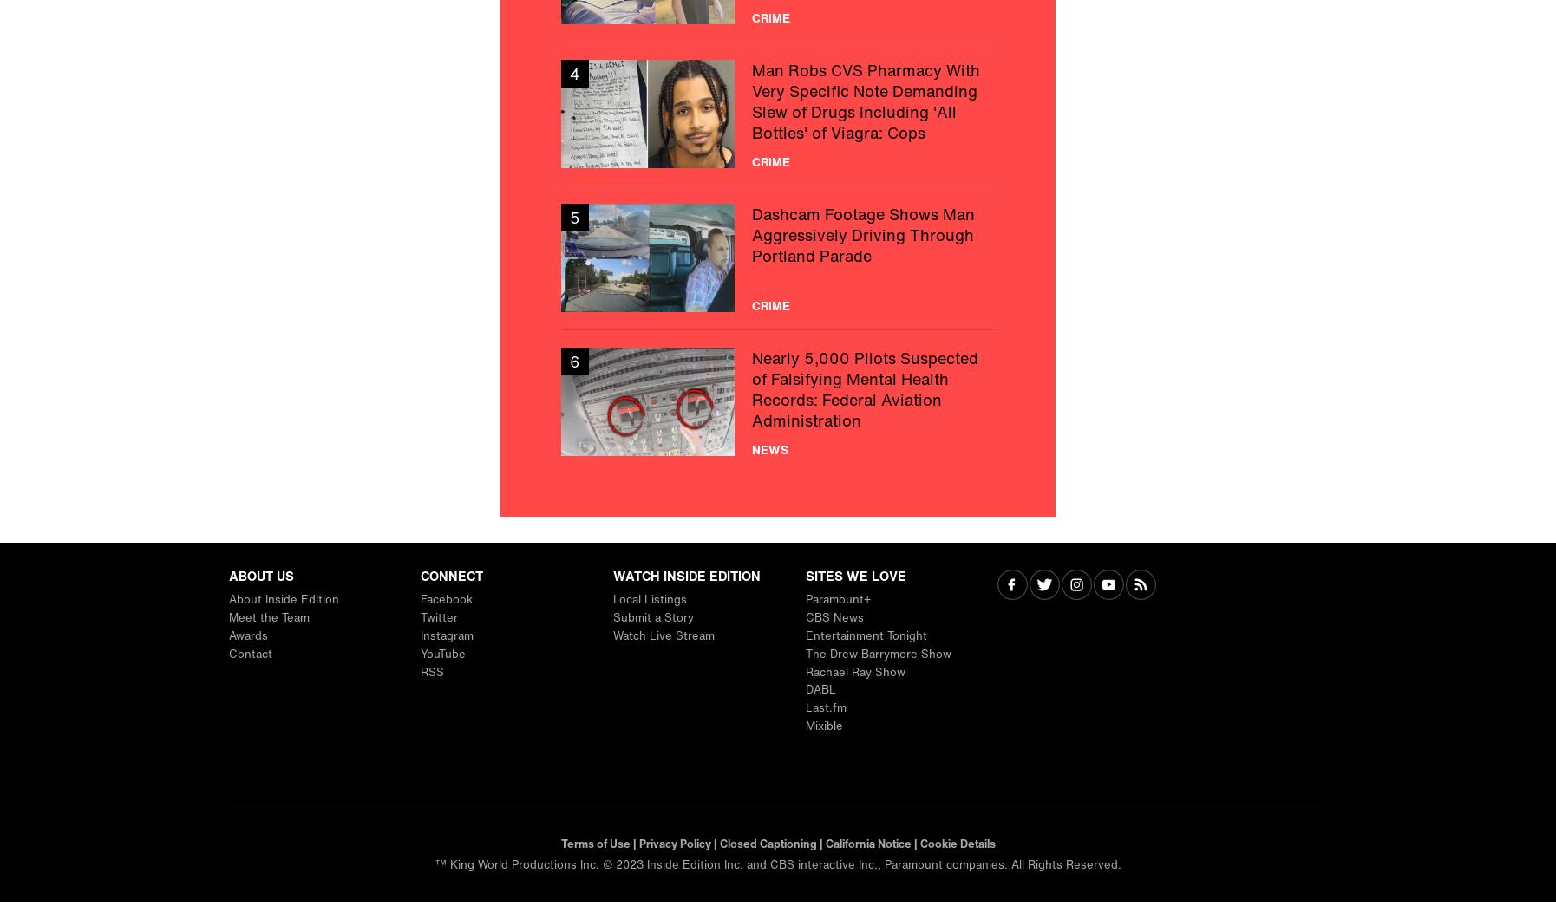 The height and width of the screenshot is (912, 1556). Describe the element at coordinates (777, 863) in the screenshot. I see `'™ King World Productions Inc. © 2023 Inside Edition Inc. and CBS interactive Inc., Paramount companies. All Rights Reserved.'` at that location.